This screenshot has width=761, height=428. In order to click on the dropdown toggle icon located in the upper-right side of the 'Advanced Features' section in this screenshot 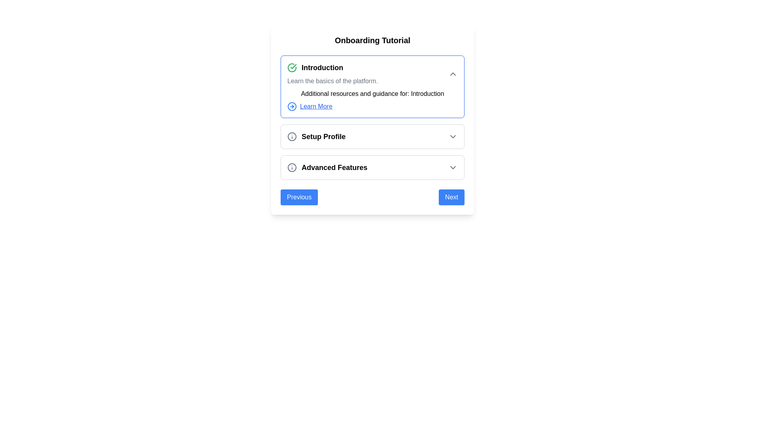, I will do `click(453, 167)`.